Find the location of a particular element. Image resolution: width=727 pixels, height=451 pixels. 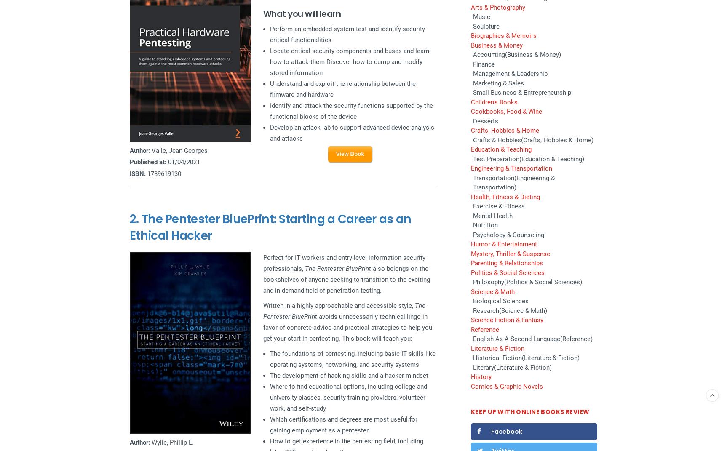

'Crafts, Hobbies & Home' is located at coordinates (470, 130).